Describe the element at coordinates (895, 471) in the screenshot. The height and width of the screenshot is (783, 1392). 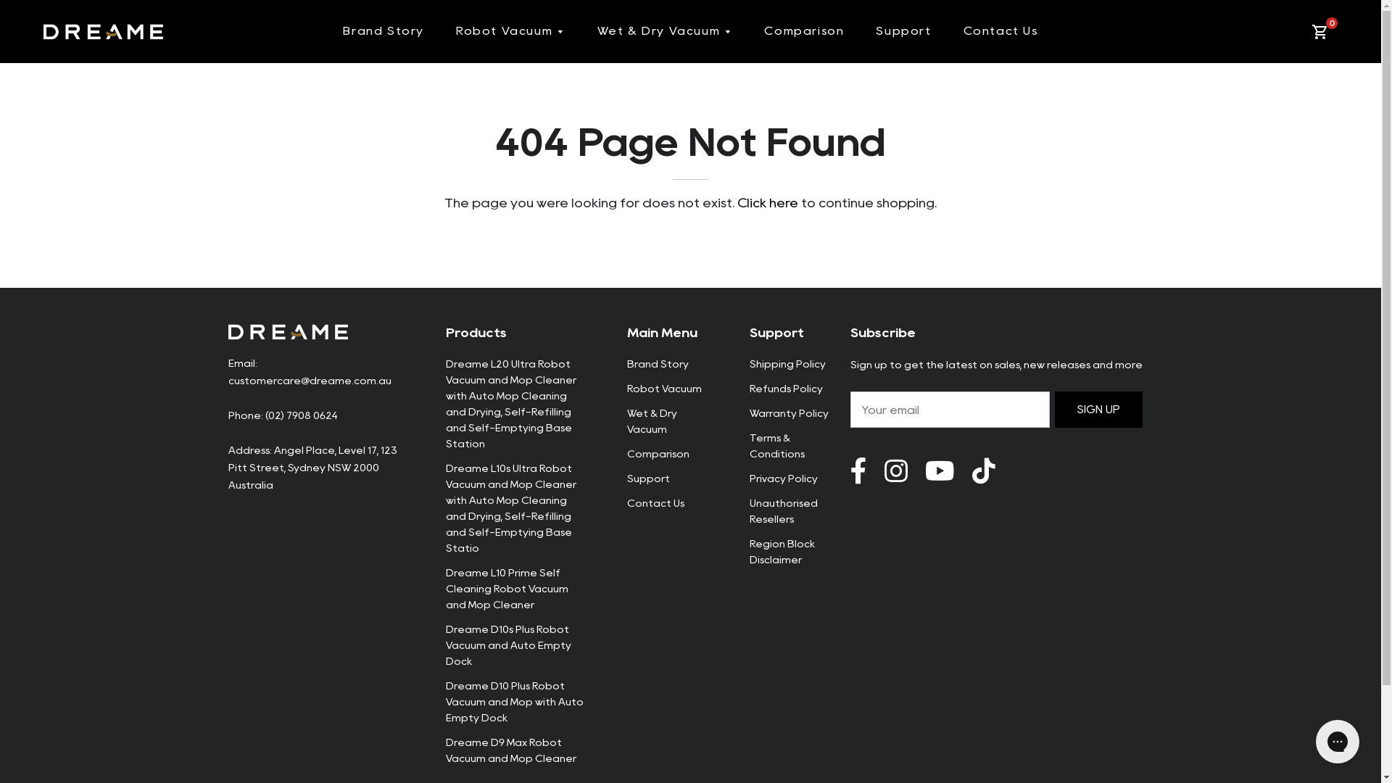
I see `'Dreame Technology Australia on Instagram'` at that location.